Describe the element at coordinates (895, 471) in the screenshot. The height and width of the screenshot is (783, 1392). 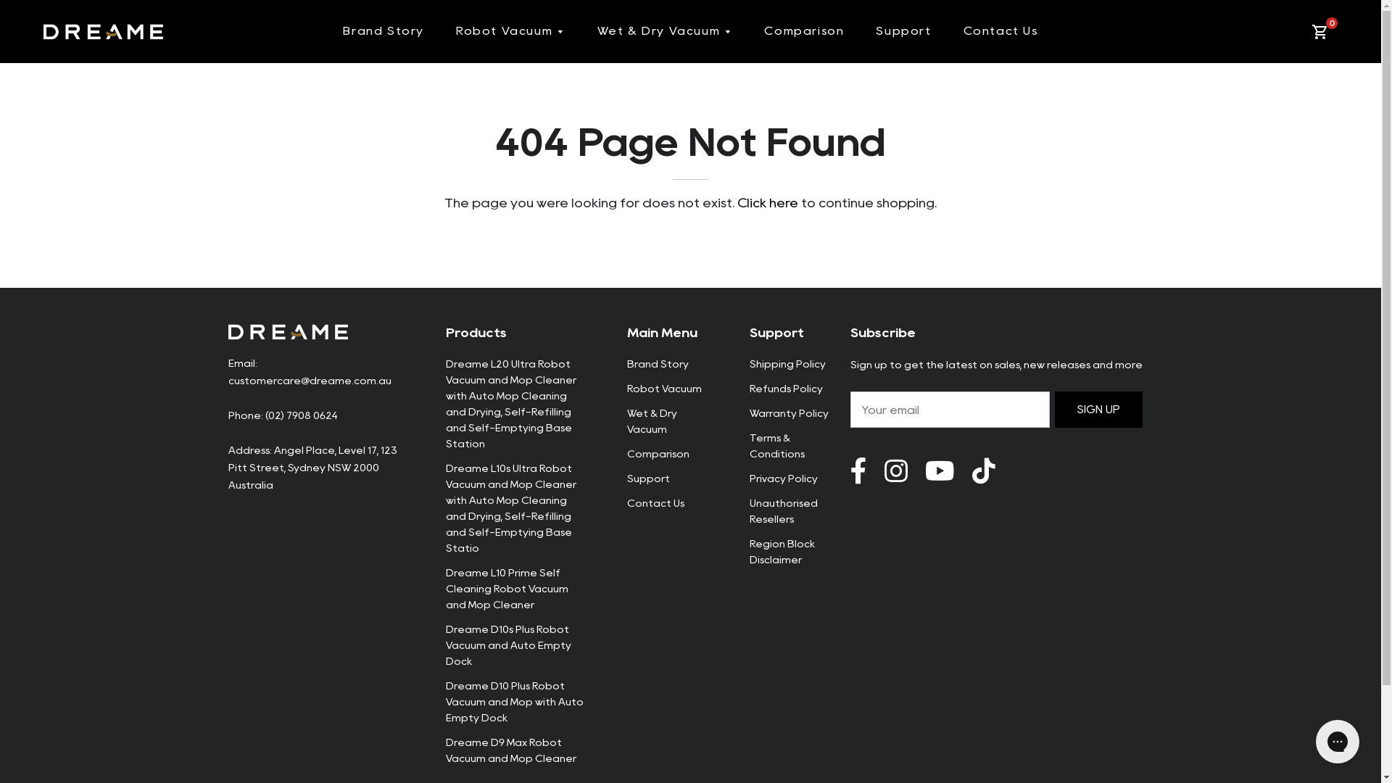
I see `'Dreame Technology Australia on Instagram'` at that location.